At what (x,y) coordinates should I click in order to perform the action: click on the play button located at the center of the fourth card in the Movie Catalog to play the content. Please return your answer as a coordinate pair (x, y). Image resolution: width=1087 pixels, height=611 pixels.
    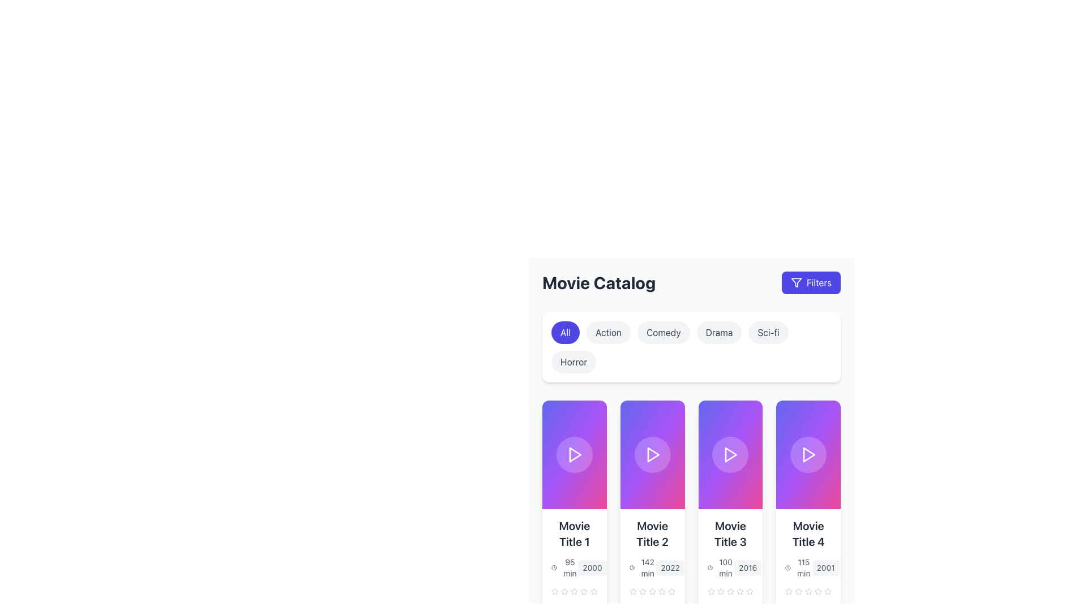
    Looking at the image, I should click on (808, 454).